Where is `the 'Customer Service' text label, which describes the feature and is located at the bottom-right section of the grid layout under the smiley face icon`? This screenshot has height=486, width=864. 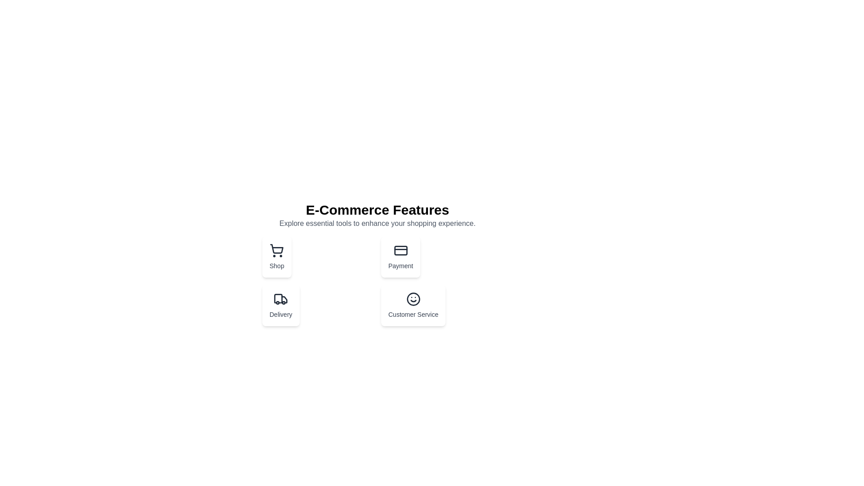
the 'Customer Service' text label, which describes the feature and is located at the bottom-right section of the grid layout under the smiley face icon is located at coordinates (413, 314).